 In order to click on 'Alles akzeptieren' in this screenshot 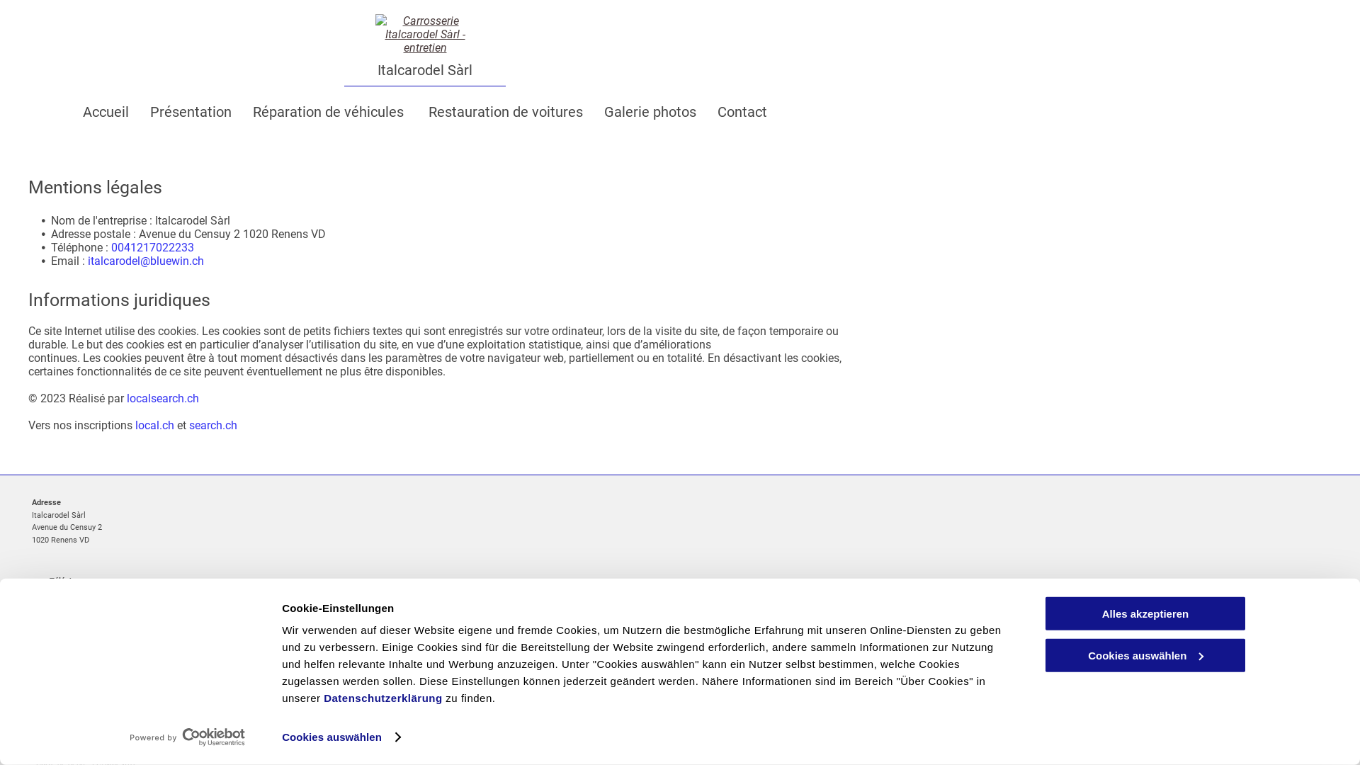, I will do `click(1145, 613)`.